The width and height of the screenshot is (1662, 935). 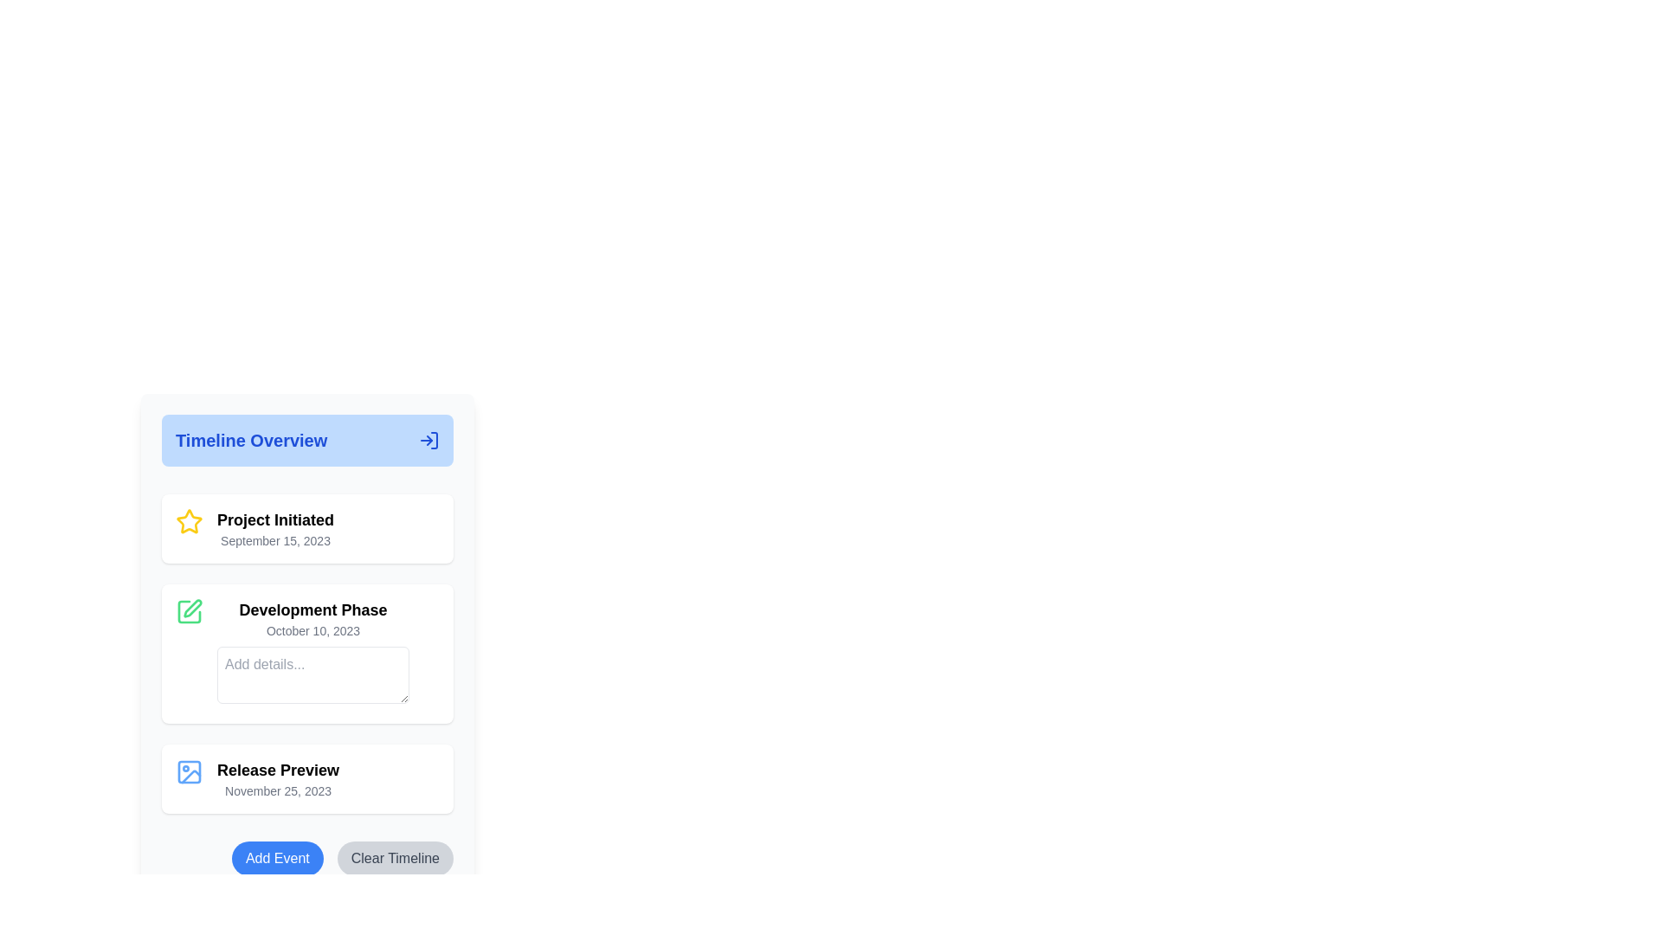 What do you see at coordinates (278, 770) in the screenshot?
I see `the 'Release Preview' text label element which is styled as a heading in bold black font, located at the bottom of the timeline above the date 'November 25, 2023'` at bounding box center [278, 770].